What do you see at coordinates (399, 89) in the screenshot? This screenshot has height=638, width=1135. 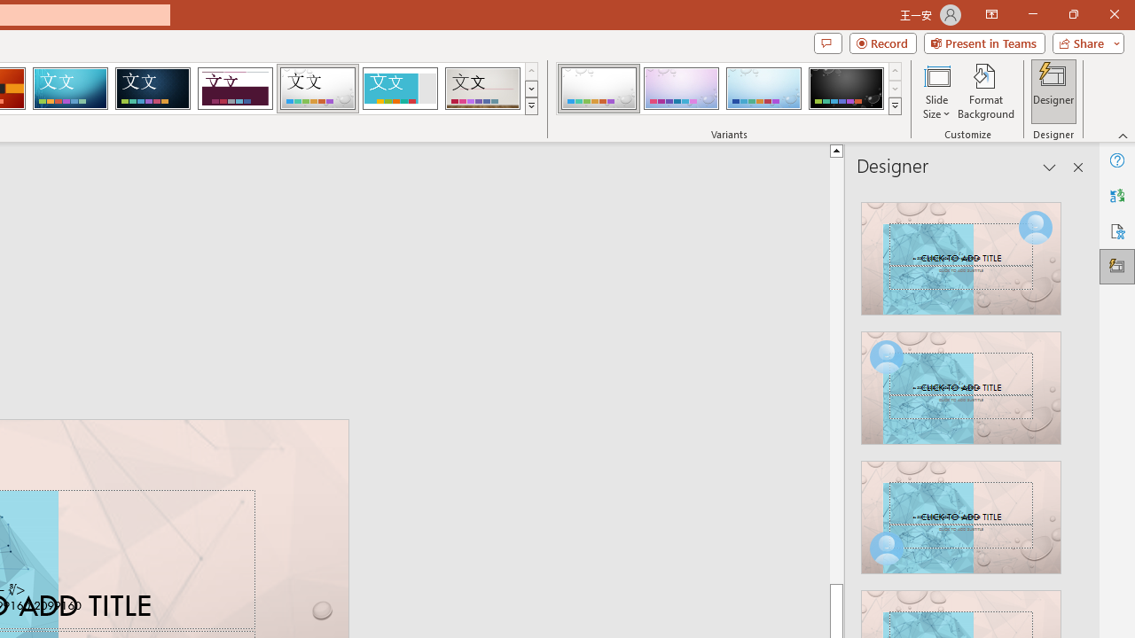 I see `'Frame'` at bounding box center [399, 89].